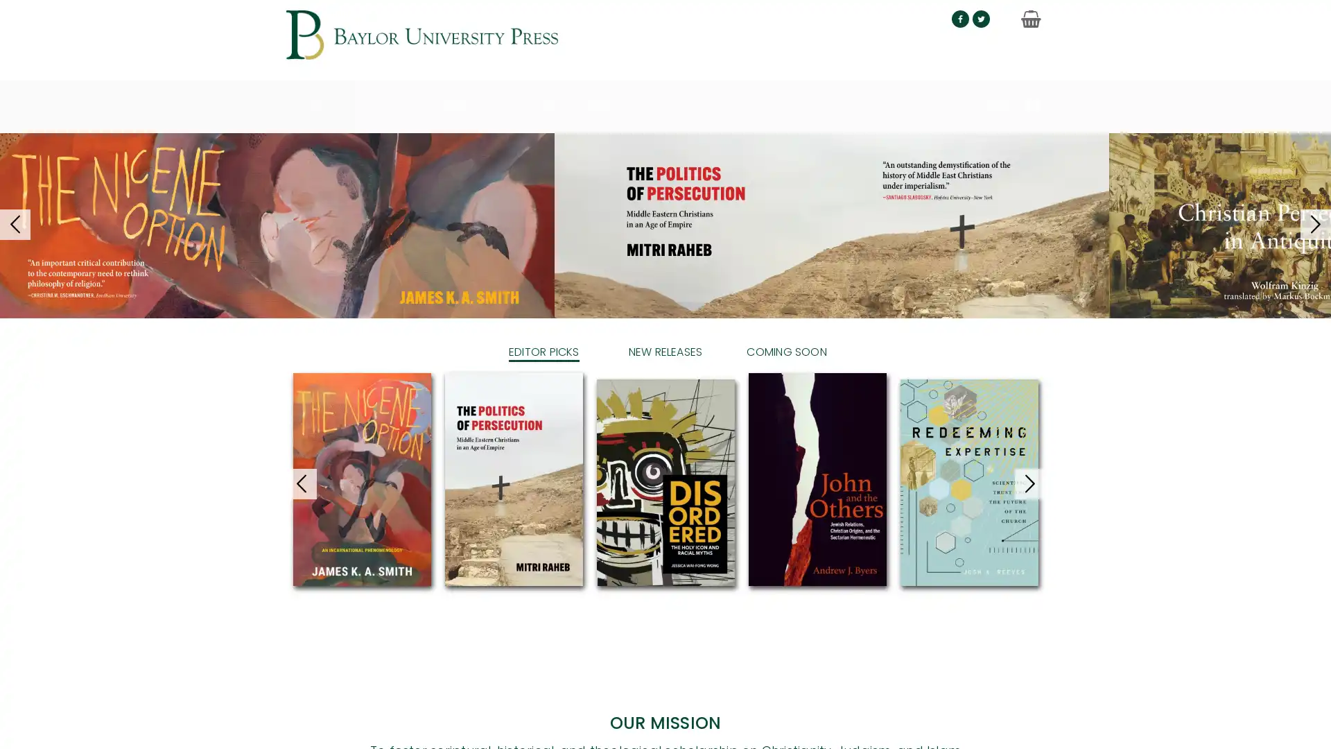 The height and width of the screenshot is (749, 1331). Describe the element at coordinates (1008, 95) in the screenshot. I see `SEARCH` at that location.